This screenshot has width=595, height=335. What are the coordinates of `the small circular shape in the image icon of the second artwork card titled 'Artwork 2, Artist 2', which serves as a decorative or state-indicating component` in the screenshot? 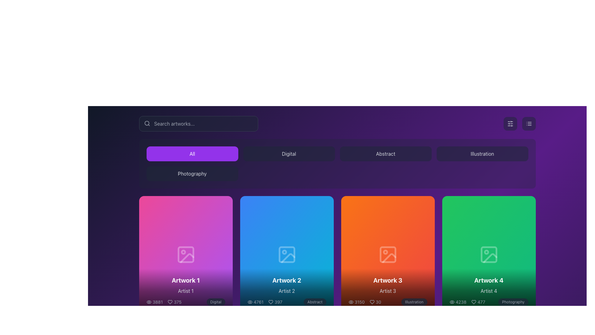 It's located at (284, 252).